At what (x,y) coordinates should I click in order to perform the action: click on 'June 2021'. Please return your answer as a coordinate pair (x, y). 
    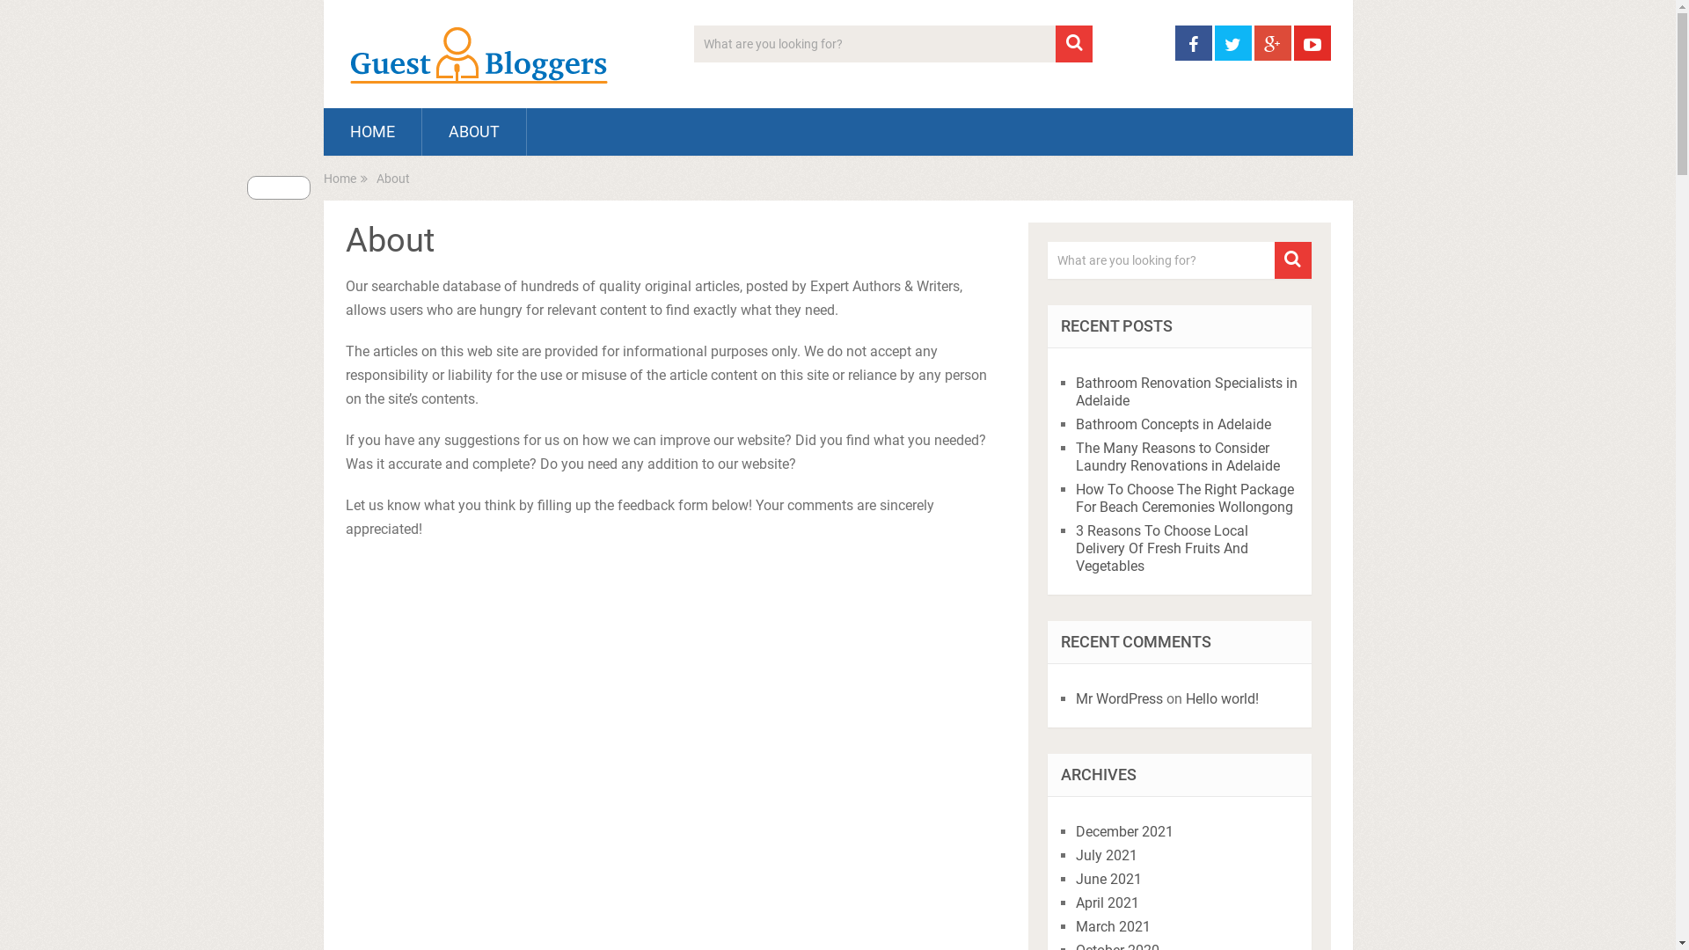
    Looking at the image, I should click on (1108, 879).